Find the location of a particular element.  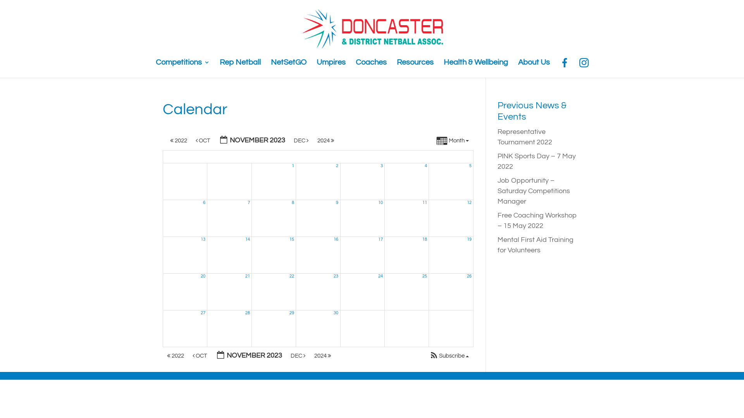

'NetSetGO' is located at coordinates (288, 67).